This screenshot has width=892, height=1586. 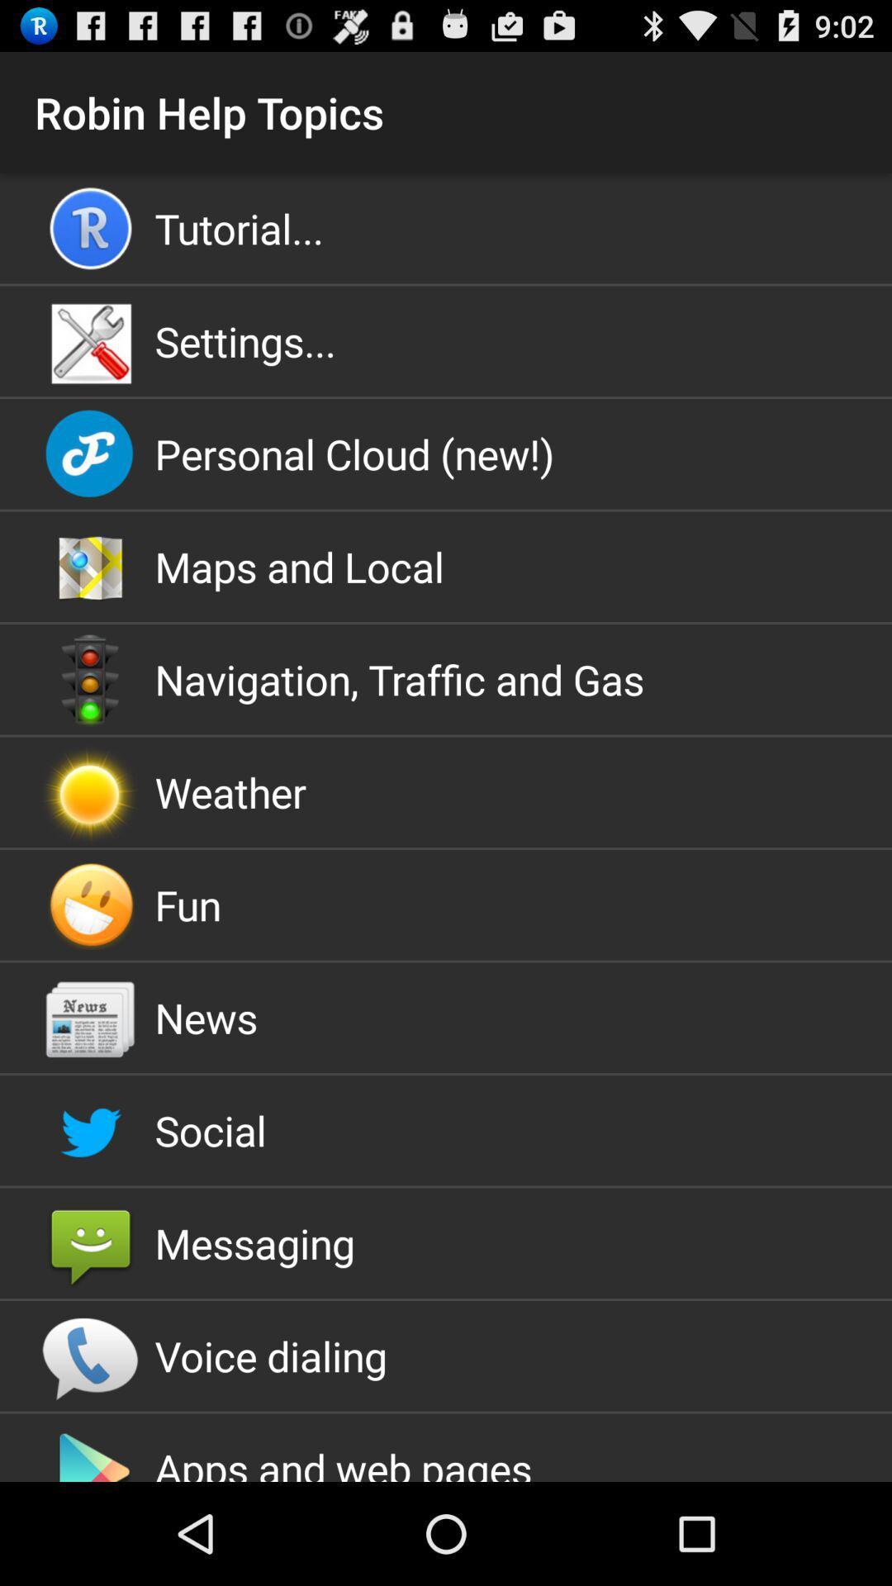 I want to click on the app below the  fun item, so click(x=446, y=1017).